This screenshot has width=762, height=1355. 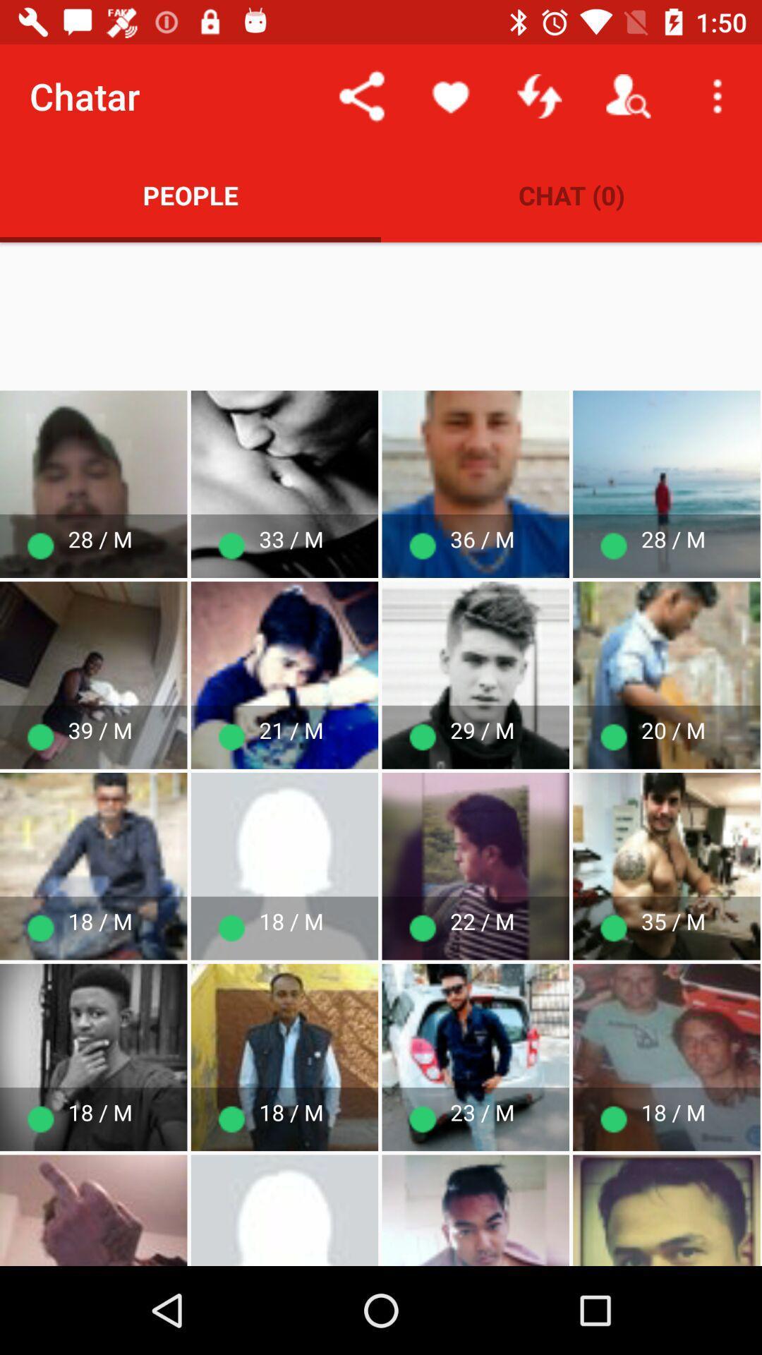 I want to click on fourth column third row image, so click(x=476, y=1057).